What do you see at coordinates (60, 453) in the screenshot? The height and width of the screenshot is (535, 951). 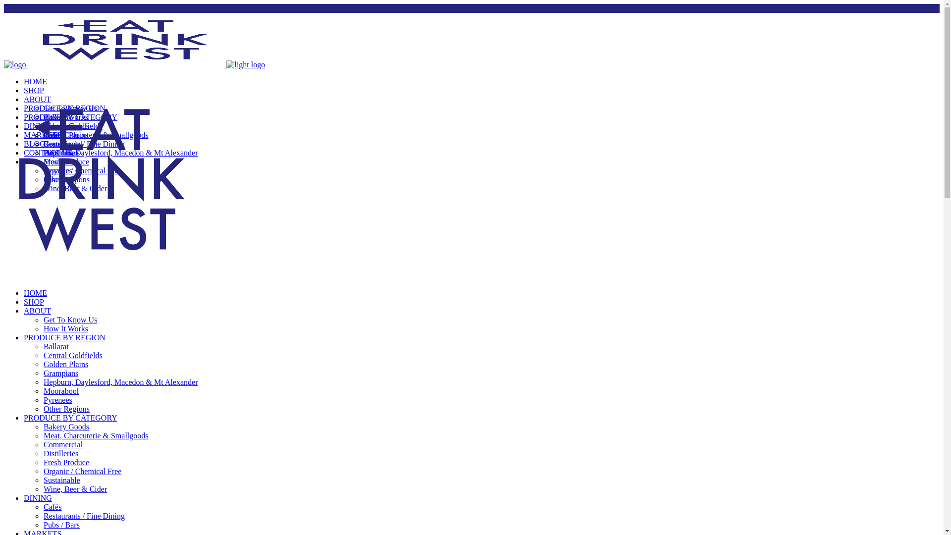 I see `'Distilleries'` at bounding box center [60, 453].